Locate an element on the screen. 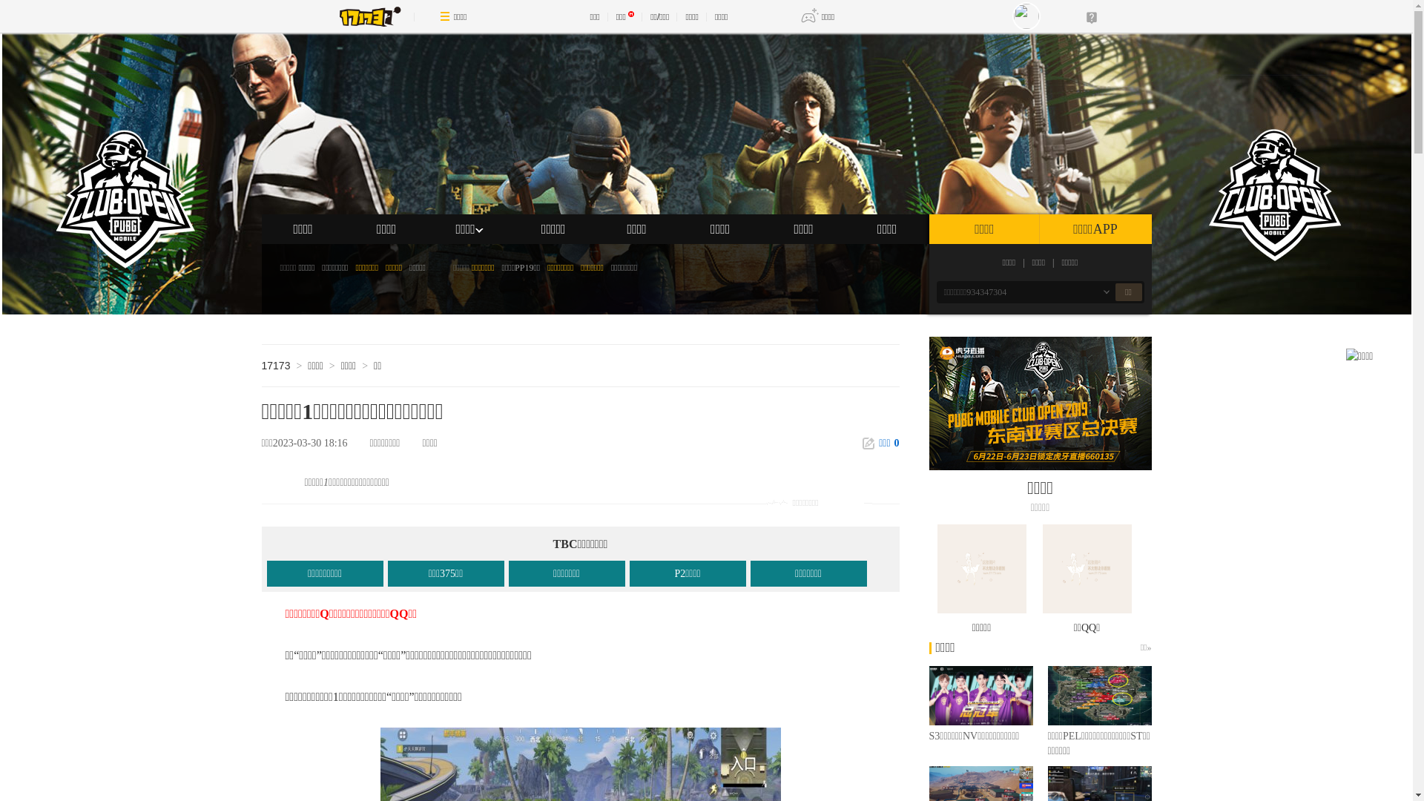 This screenshot has height=801, width=1424. '17173' is located at coordinates (275, 366).